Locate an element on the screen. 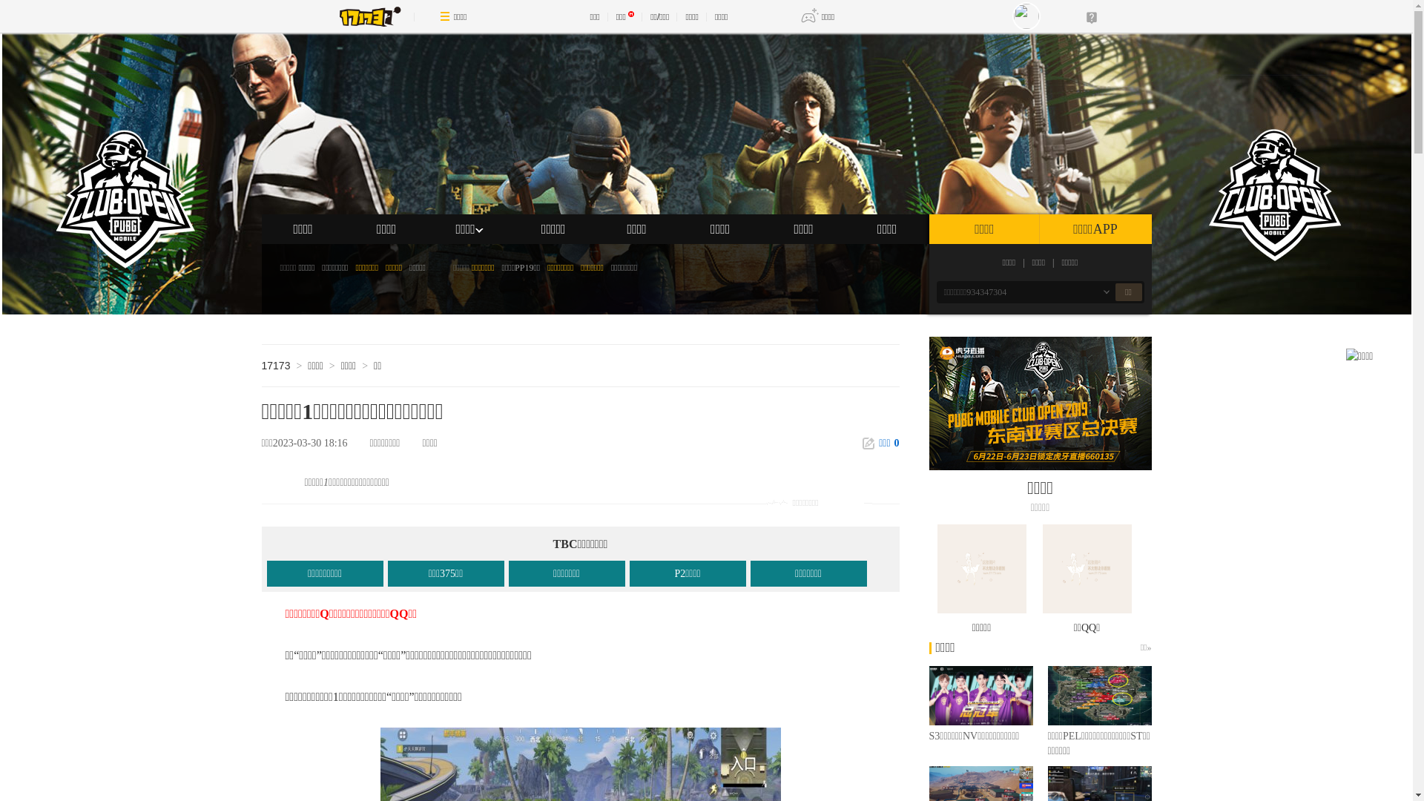 This screenshot has height=801, width=1424. '17173' is located at coordinates (275, 366).